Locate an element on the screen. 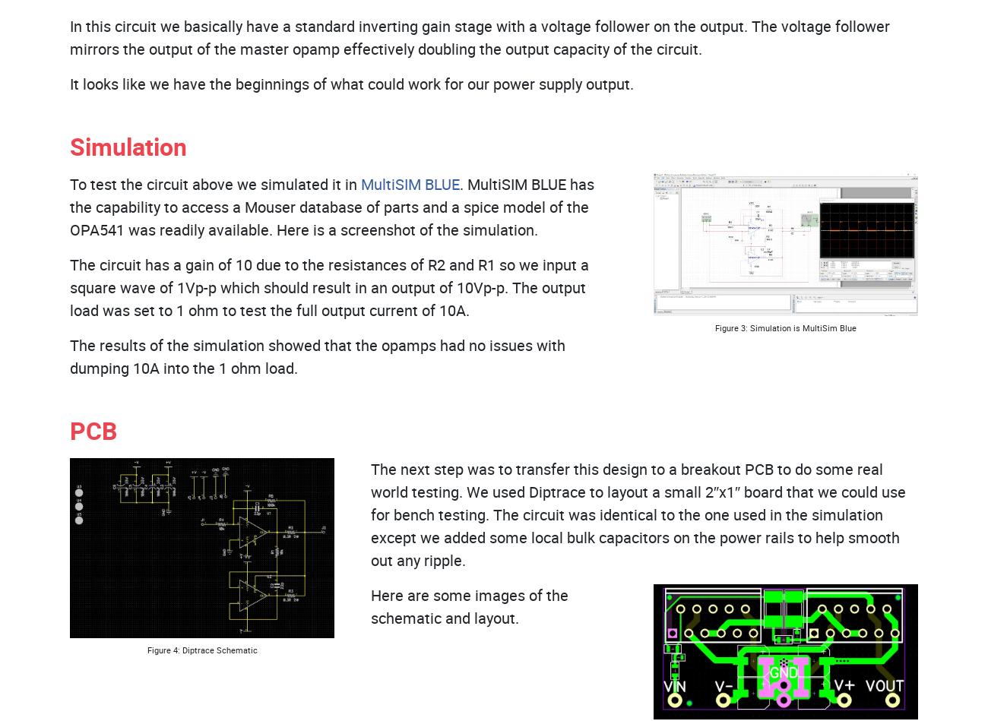  'Houston Headquarters:' is located at coordinates (654, 115).